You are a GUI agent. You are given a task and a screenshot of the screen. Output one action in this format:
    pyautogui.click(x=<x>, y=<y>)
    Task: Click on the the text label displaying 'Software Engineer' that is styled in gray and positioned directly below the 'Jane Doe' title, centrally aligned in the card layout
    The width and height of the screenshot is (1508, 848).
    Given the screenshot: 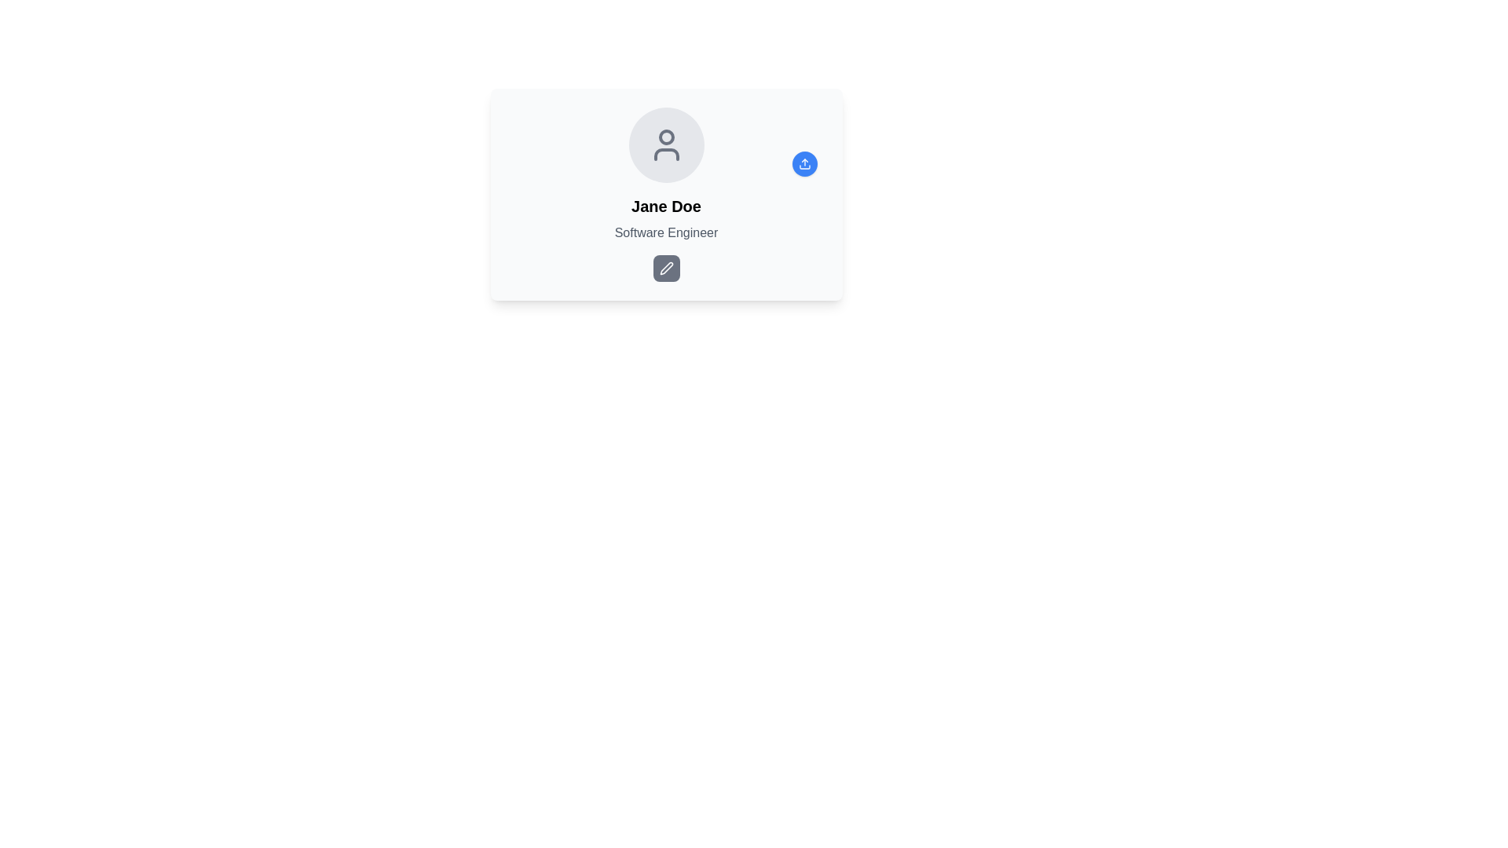 What is the action you would take?
    pyautogui.click(x=666, y=233)
    